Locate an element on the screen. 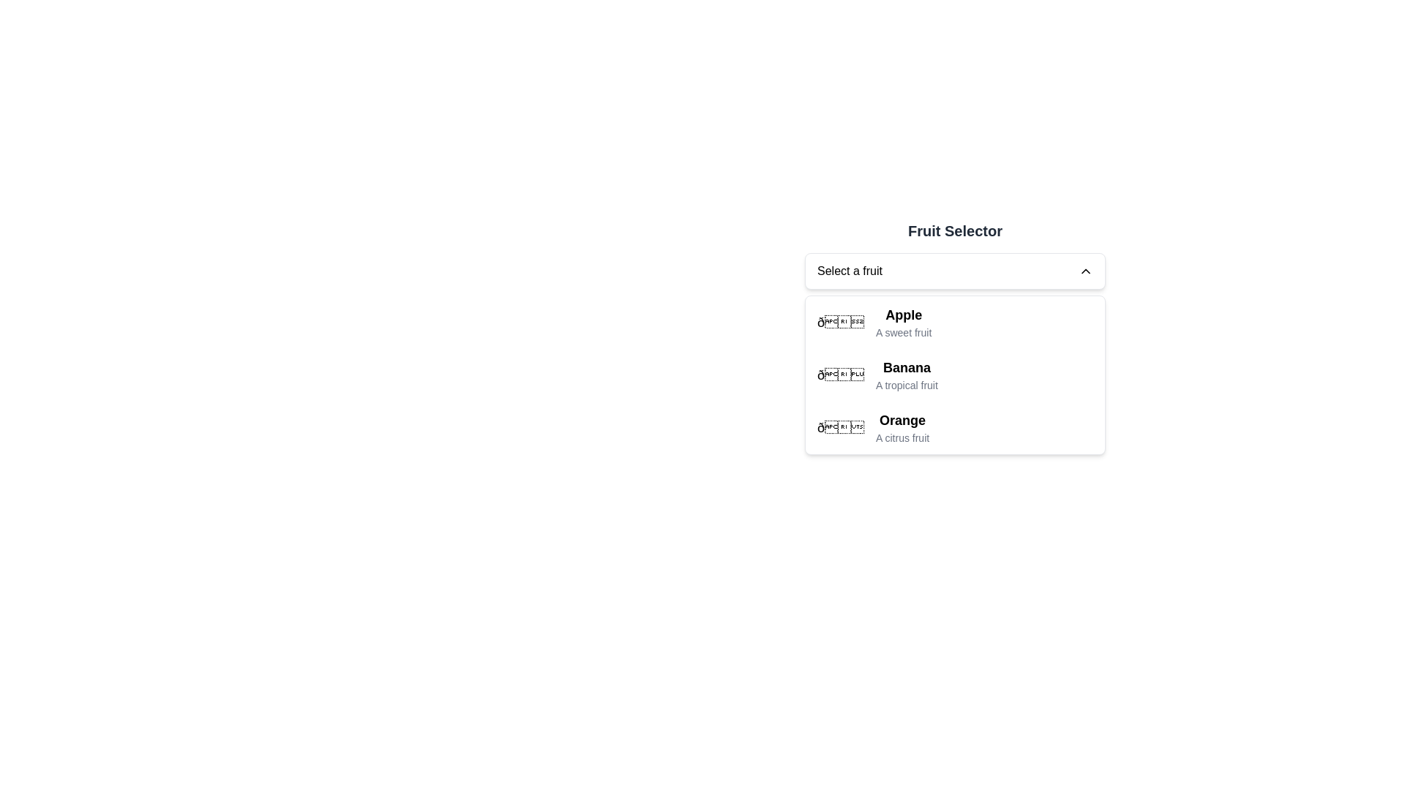 The width and height of the screenshot is (1405, 790). the dropdown menu labeled 'Select a fruit' is located at coordinates (955, 271).